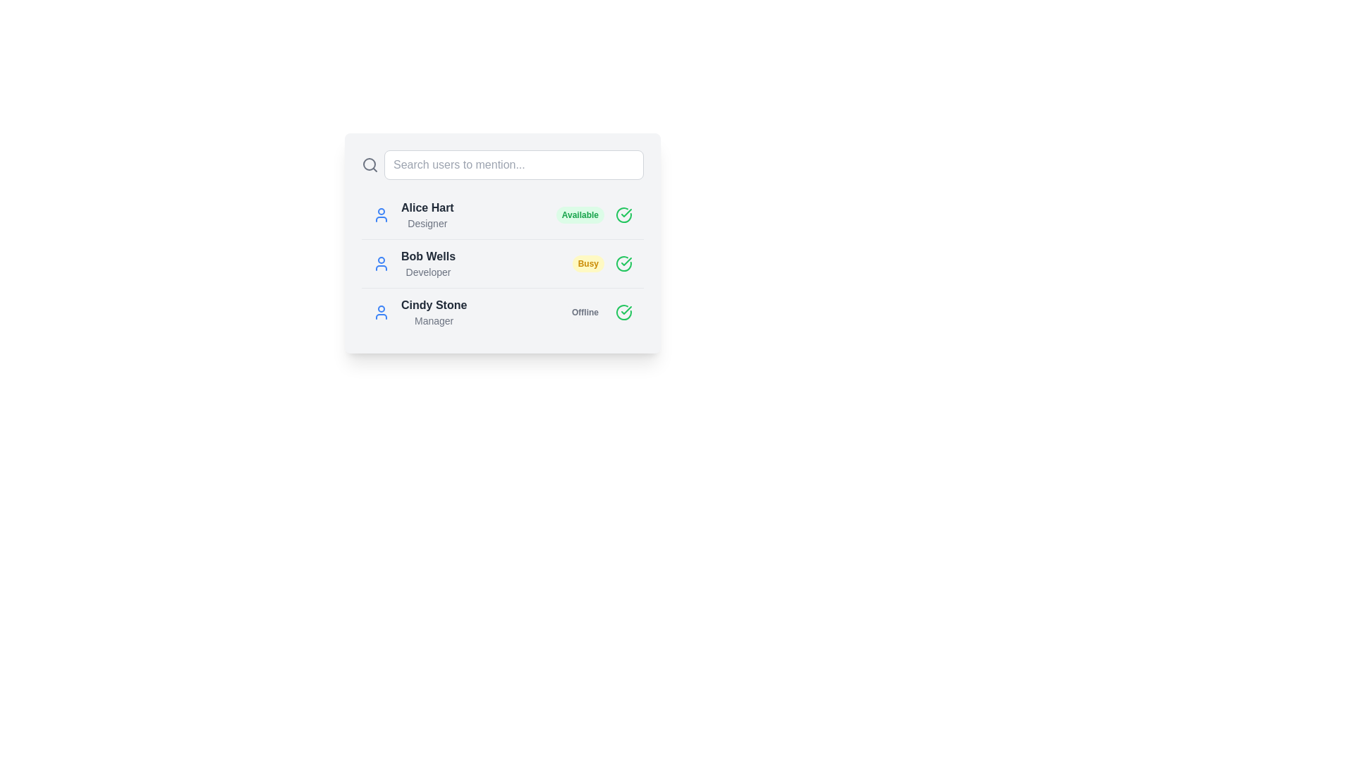  Describe the element at coordinates (382, 264) in the screenshot. I see `the user icon for 'Bob Wells', which is the first icon in the second row of the user list, positioned to the left of the name 'Bob Wells' and above the status 'Busy'` at that location.